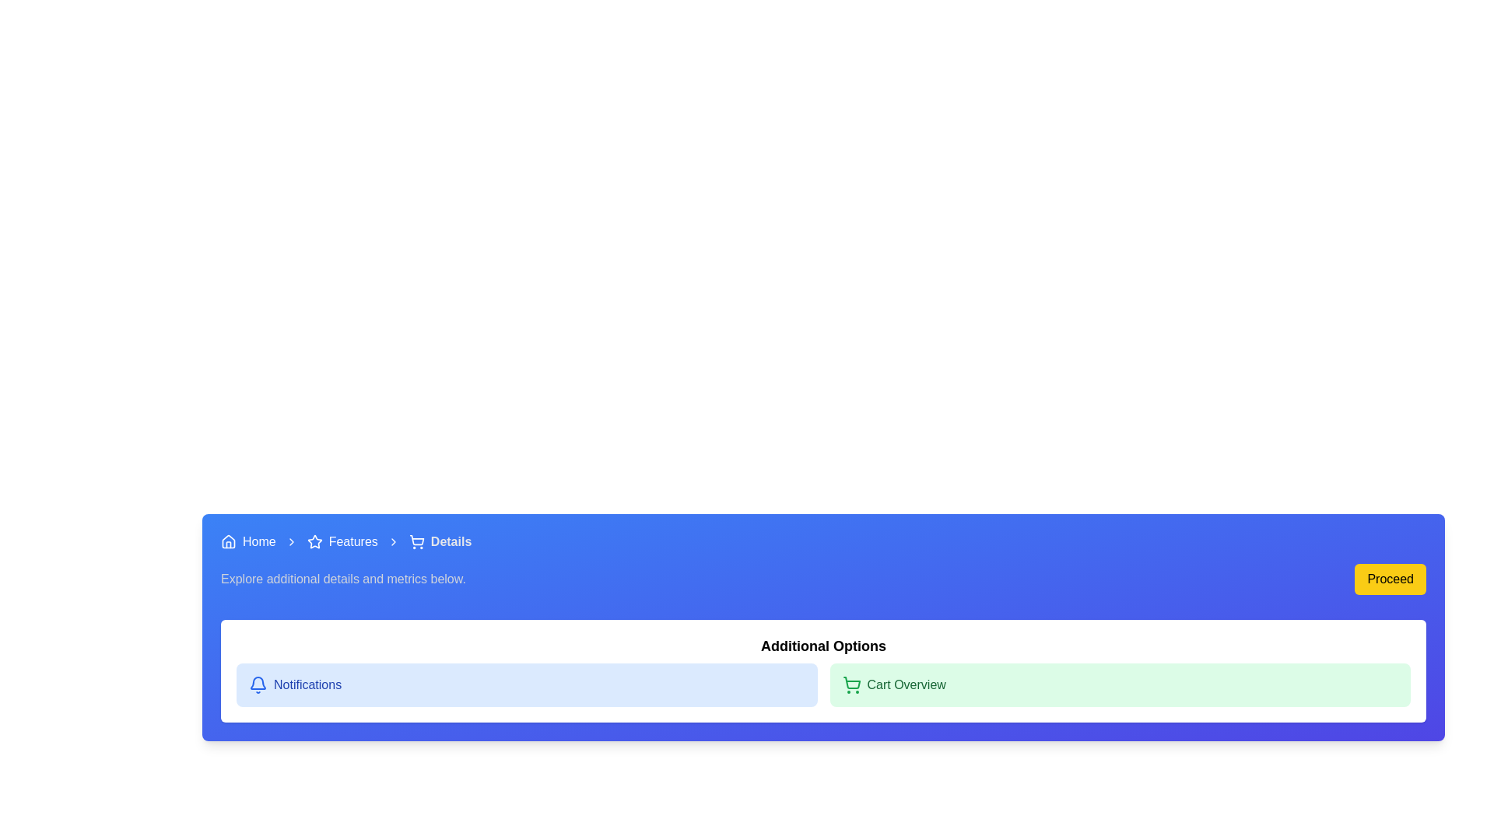 The height and width of the screenshot is (840, 1494). Describe the element at coordinates (393, 541) in the screenshot. I see `the second right-facing arrow icon in the breadcrumb navigation sequence, which is displayed in white on a blue background, to visually inspect its design` at that location.